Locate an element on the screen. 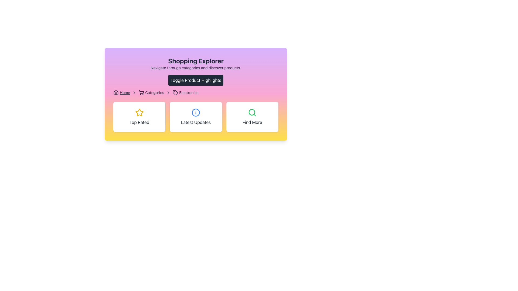 Image resolution: width=518 pixels, height=291 pixels. the grid containing three columns with icons and labels: 'Top Rated', 'Latest Updates', and 'Find More' is located at coordinates (195, 117).